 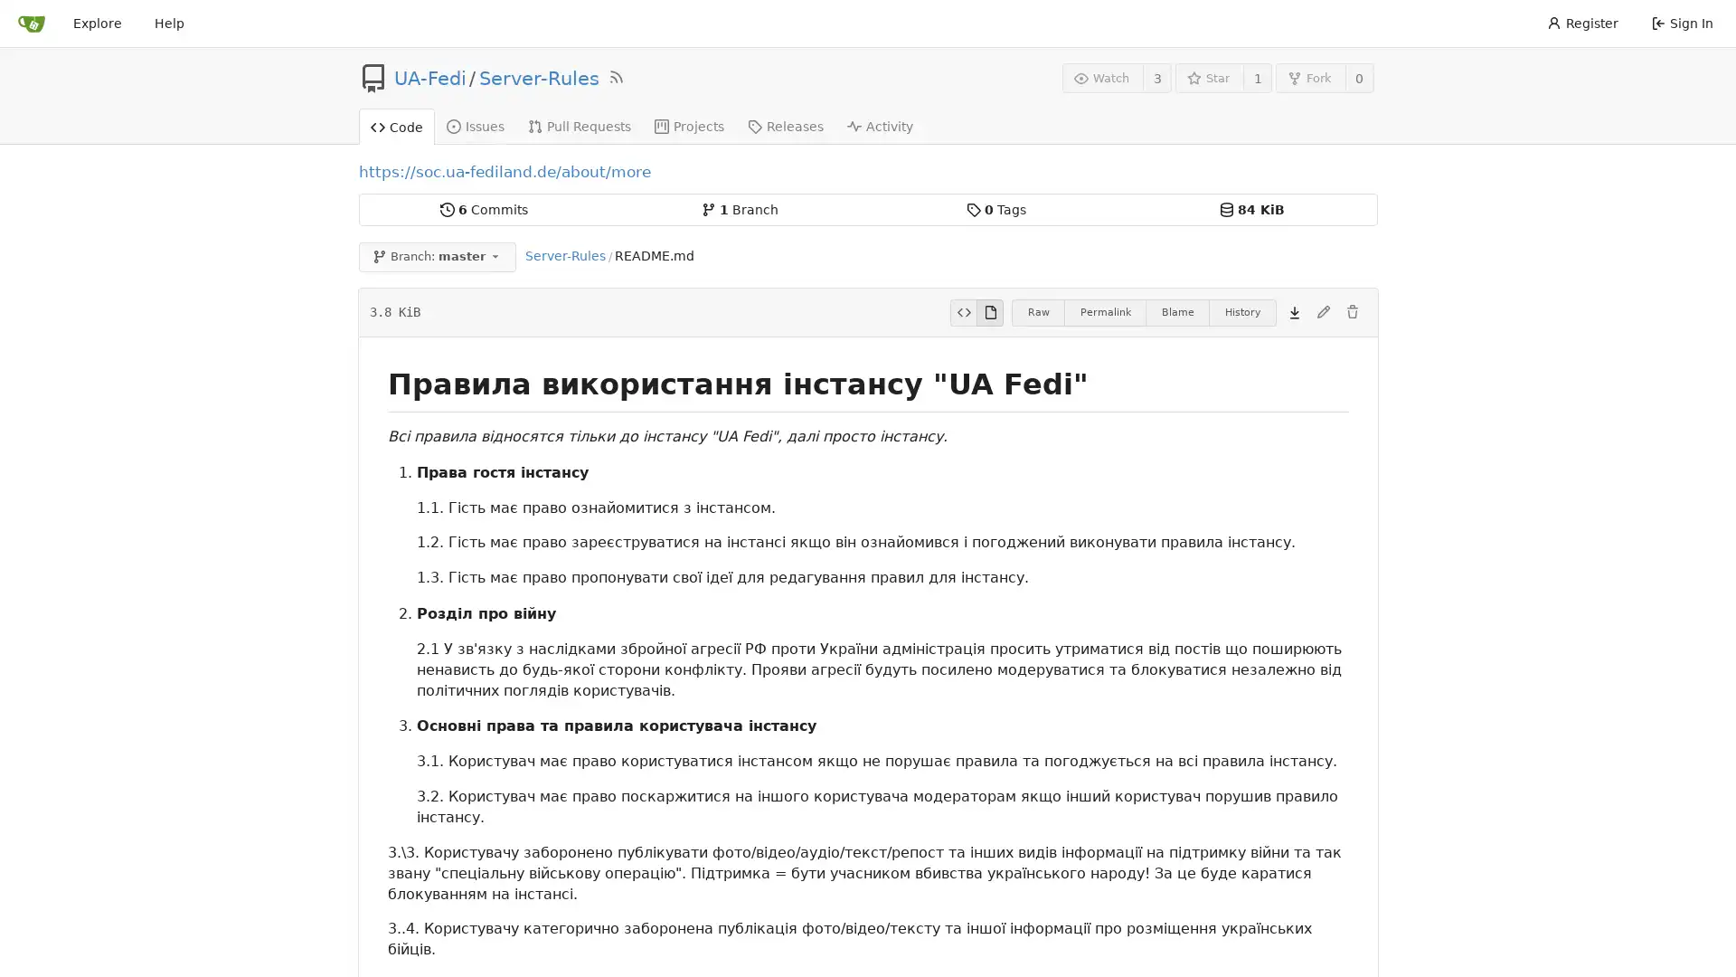 I want to click on Watch, so click(x=1101, y=77).